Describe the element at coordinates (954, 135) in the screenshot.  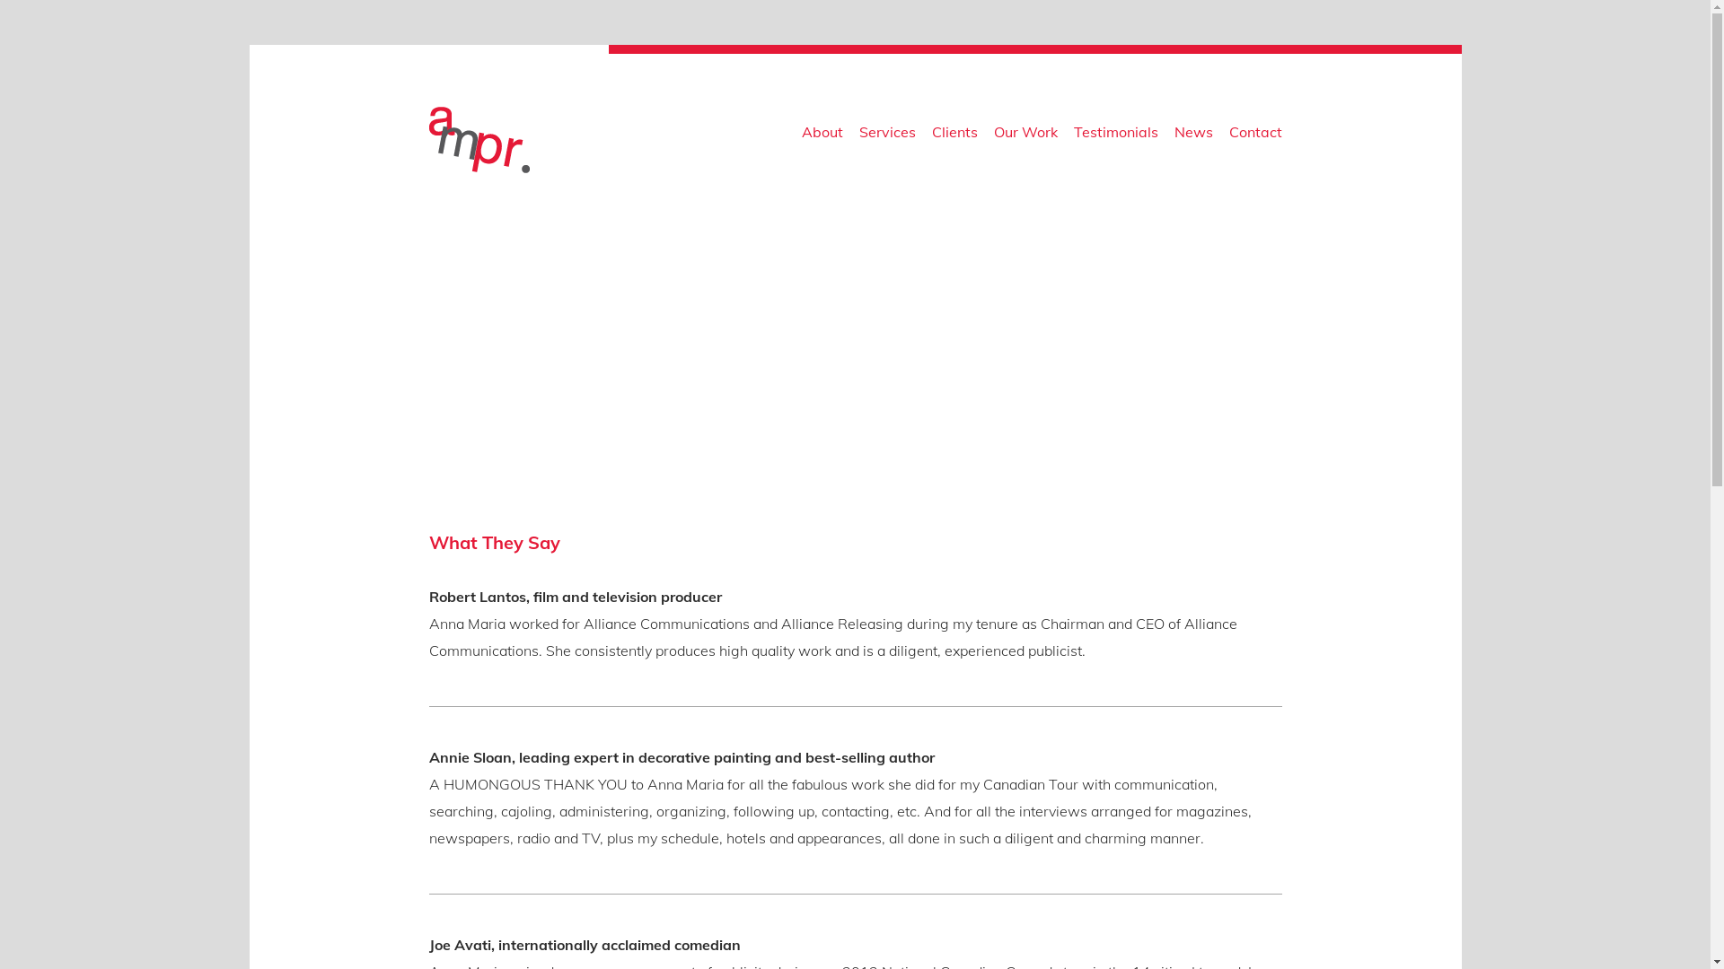
I see `'Clients'` at that location.